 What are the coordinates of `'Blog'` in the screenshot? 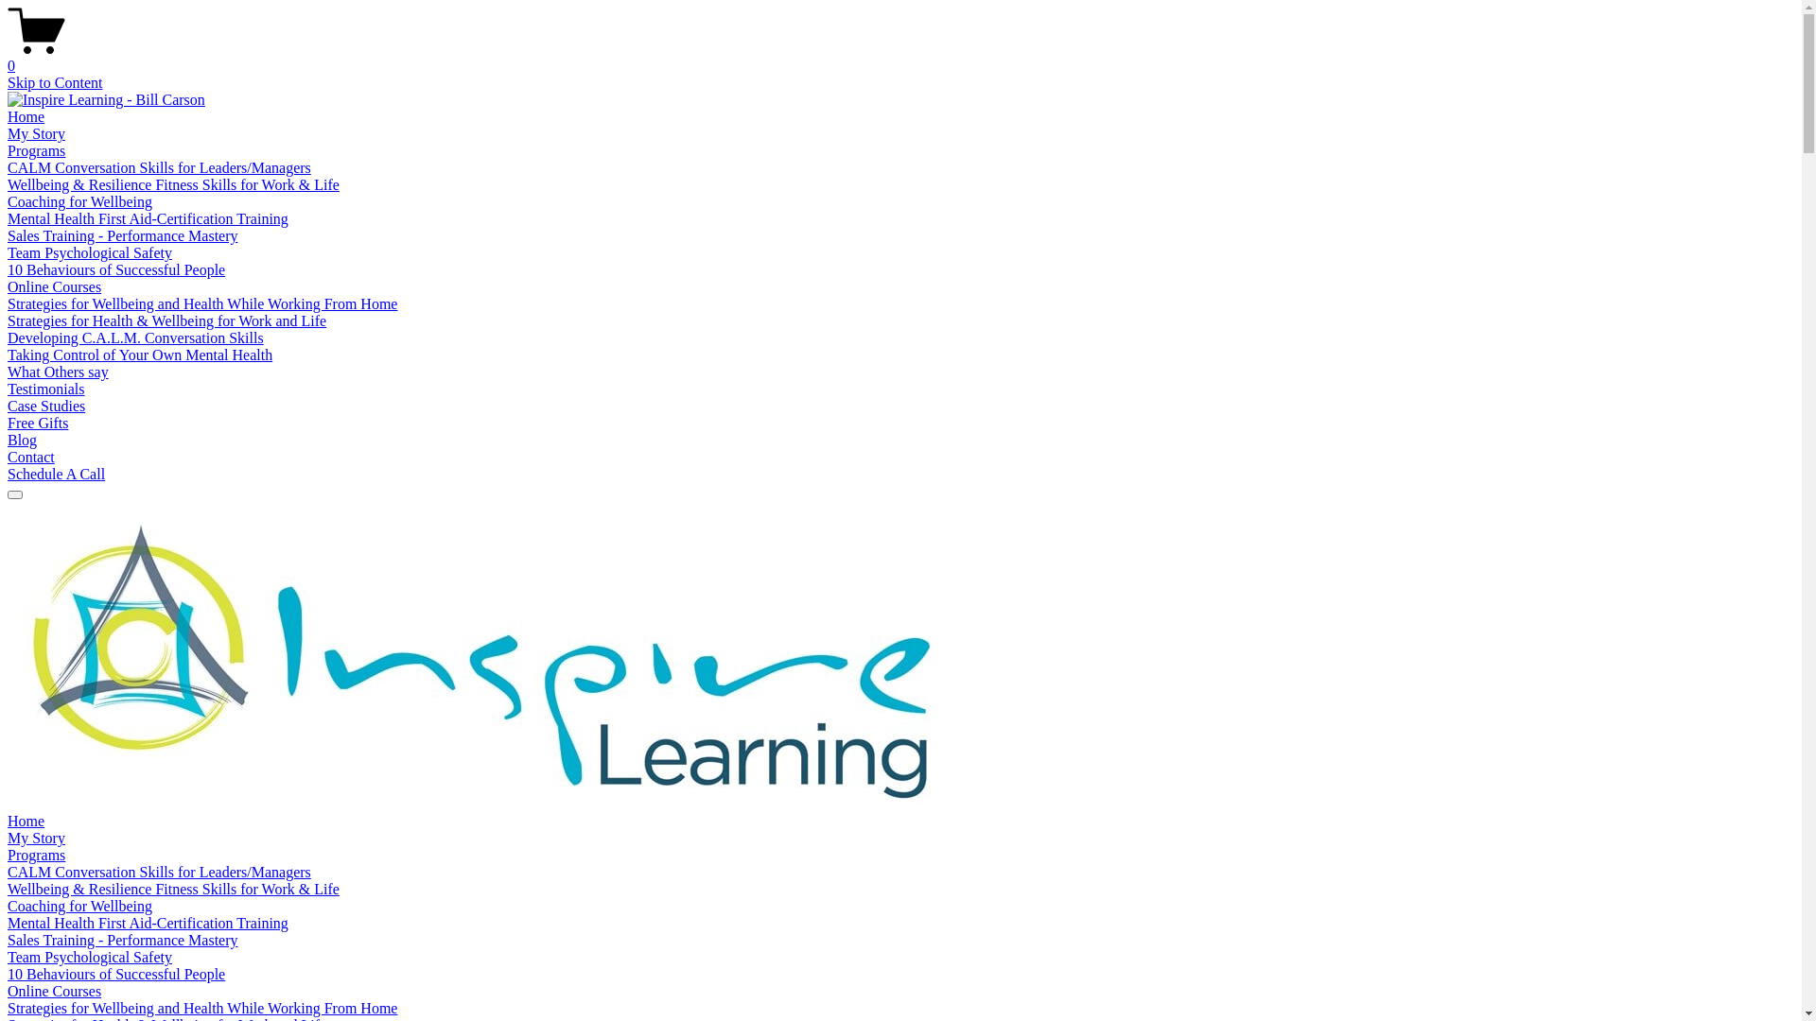 It's located at (22, 440).